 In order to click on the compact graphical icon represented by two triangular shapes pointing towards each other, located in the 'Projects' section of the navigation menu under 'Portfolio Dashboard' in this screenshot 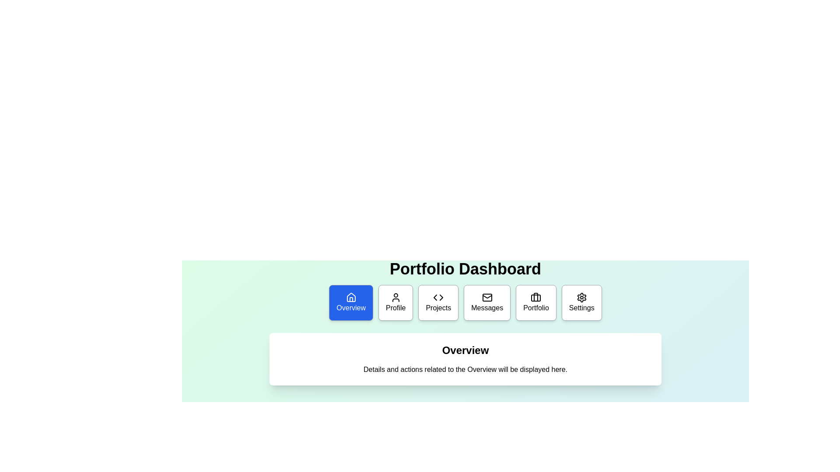, I will do `click(438, 297)`.